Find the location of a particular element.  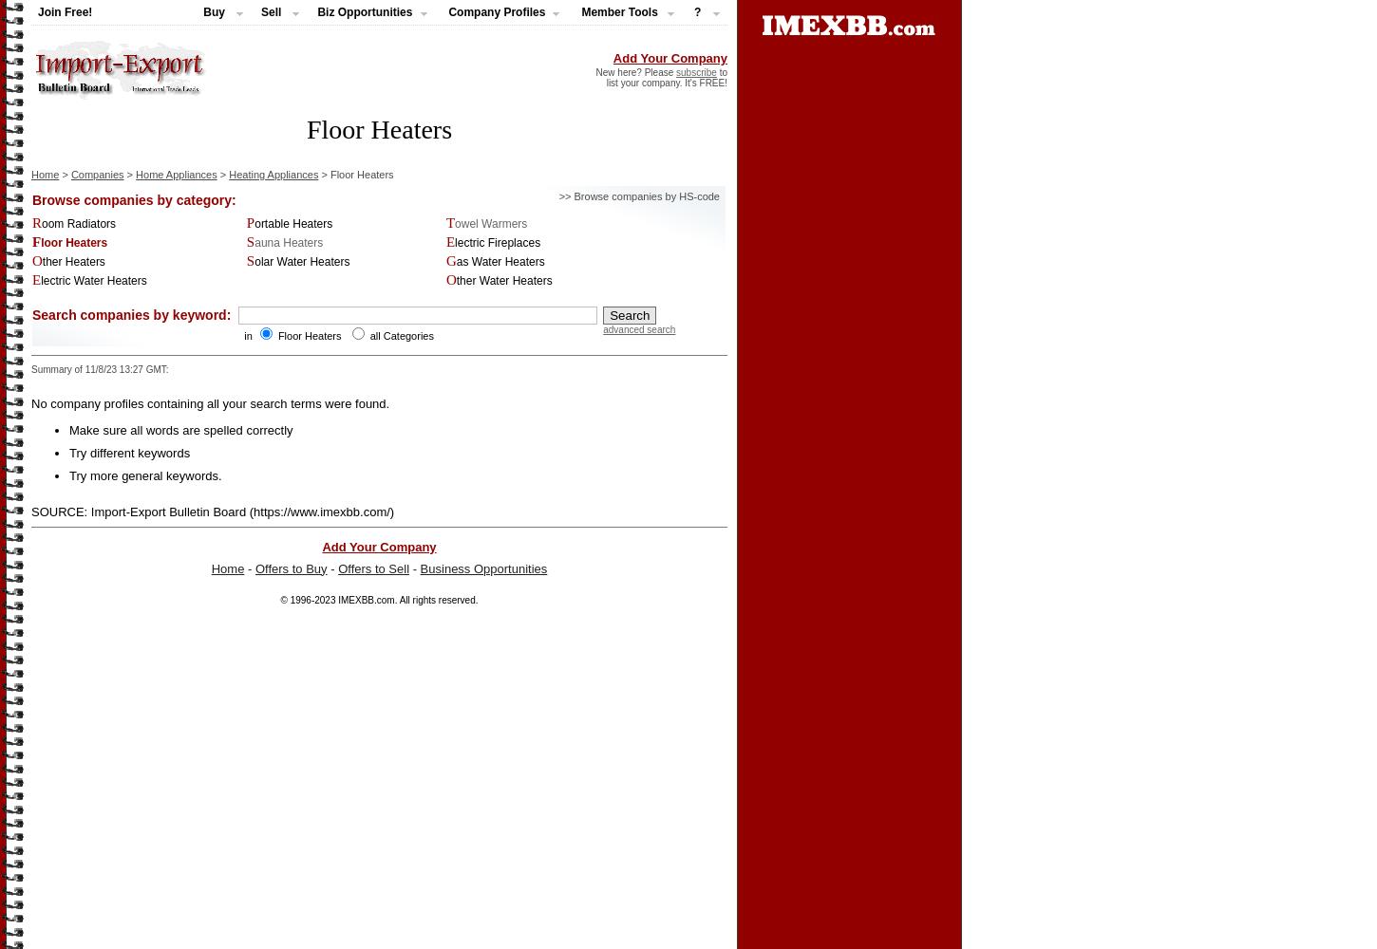

'Browse companies by category:' is located at coordinates (132, 198).